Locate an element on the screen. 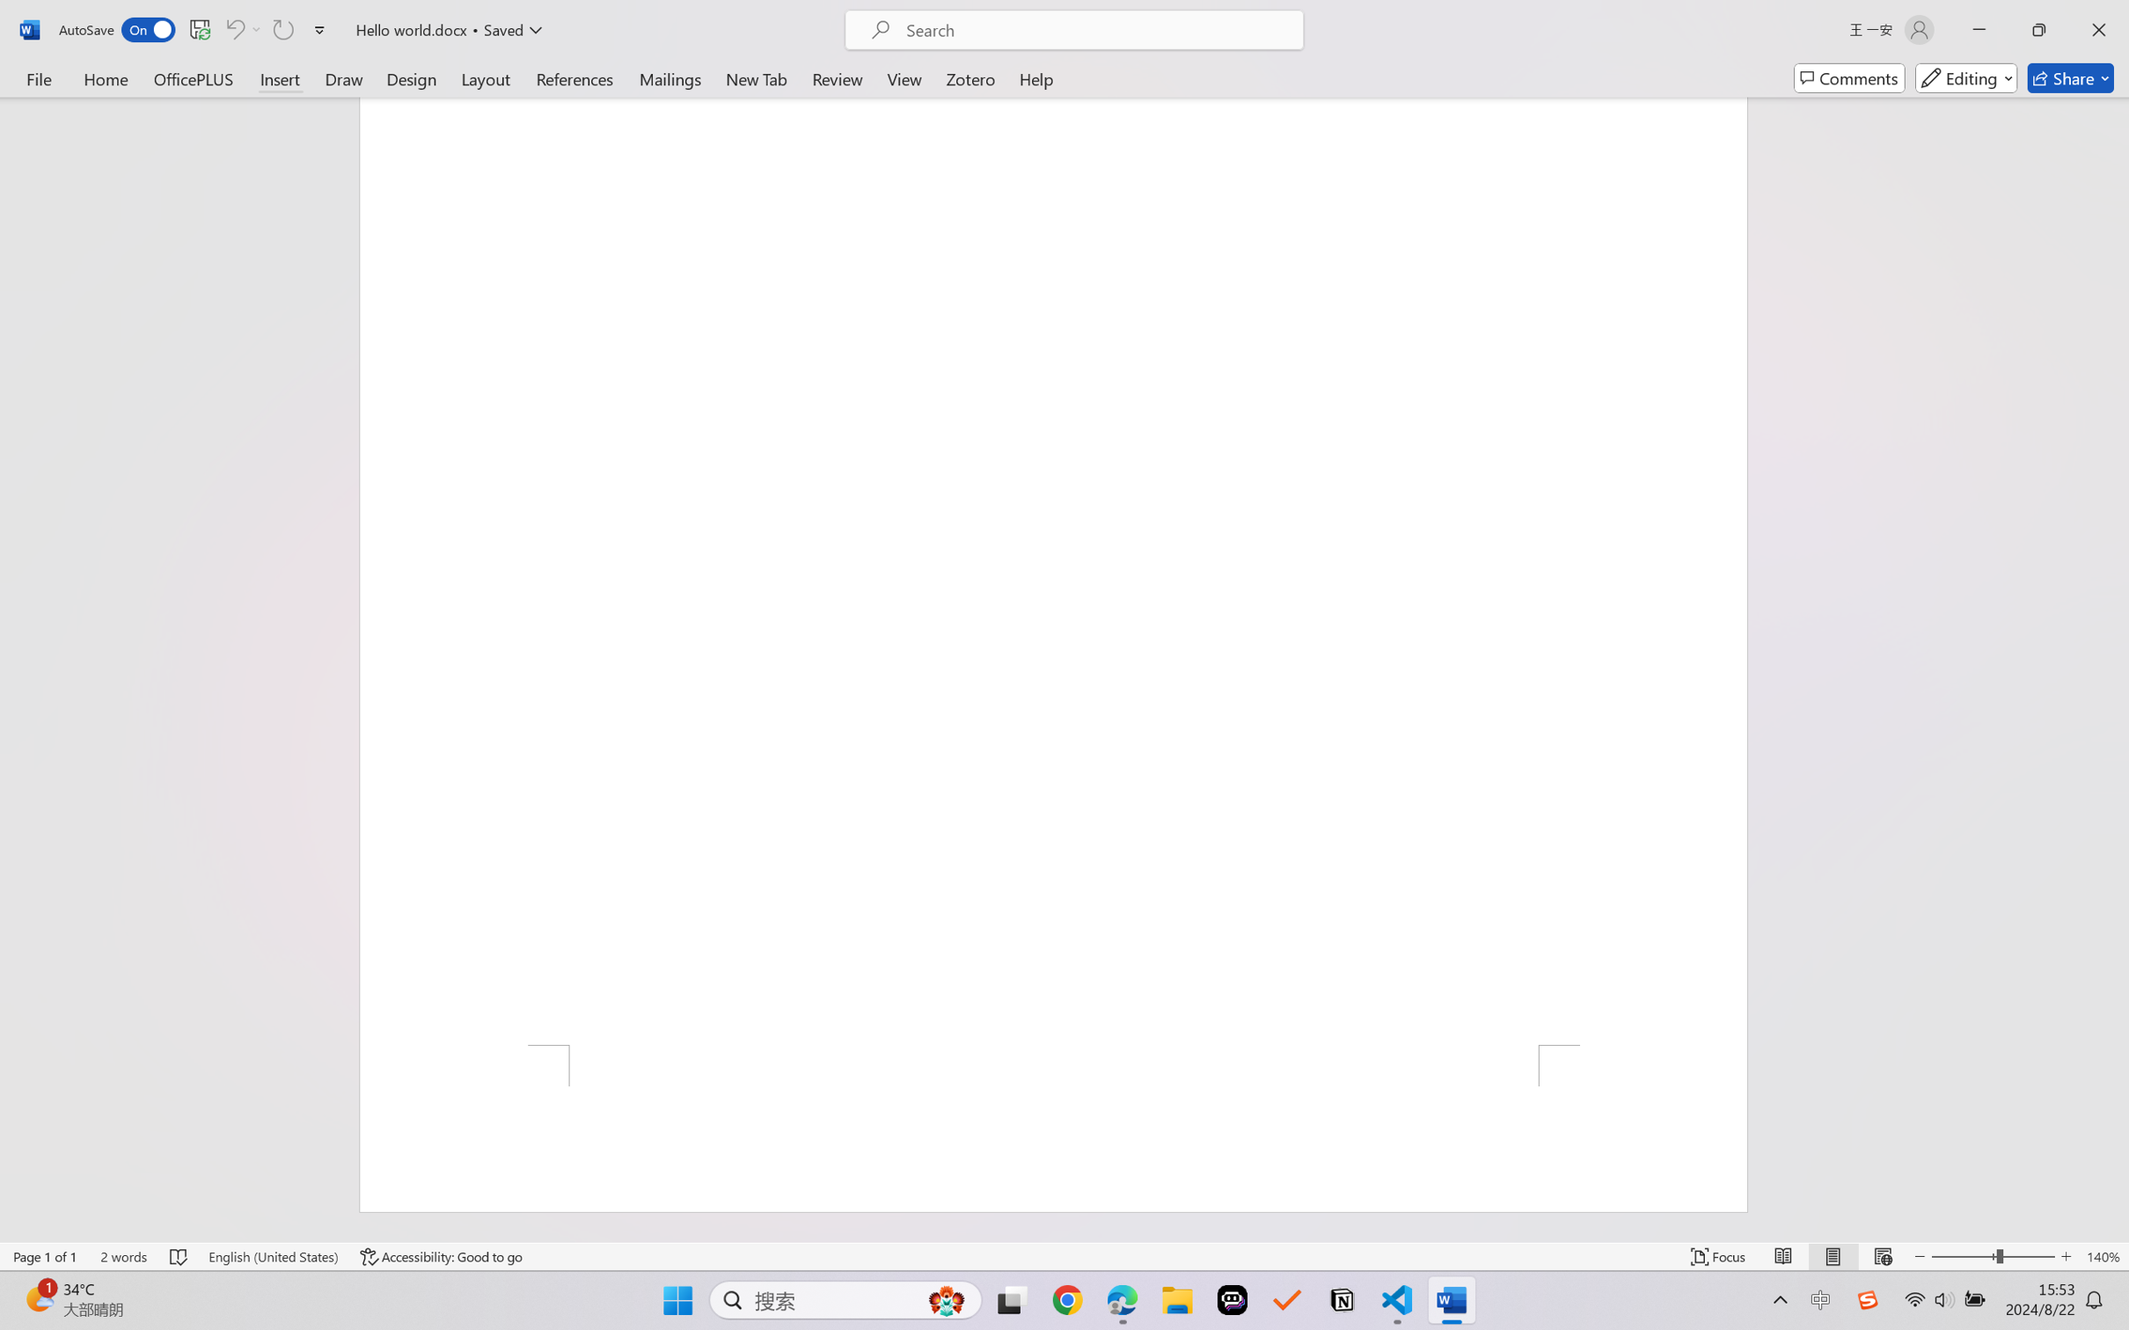 This screenshot has width=2129, height=1330. 'Minimize' is located at coordinates (1979, 29).